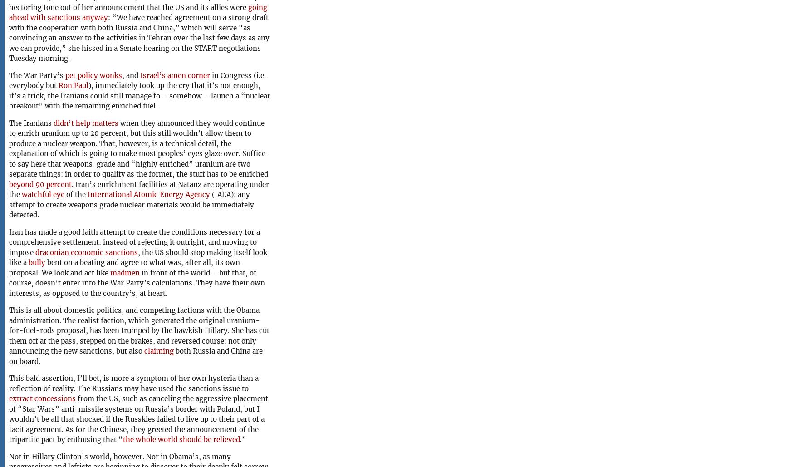 This screenshot has height=467, width=794. I want to click on '),
immediately took up the cry that it’s not enough, it’s a trick,
the Iranians could still manage to – somehow – launch a “nuclear
breakout” with the remaining enriched fuel.', so click(139, 96).